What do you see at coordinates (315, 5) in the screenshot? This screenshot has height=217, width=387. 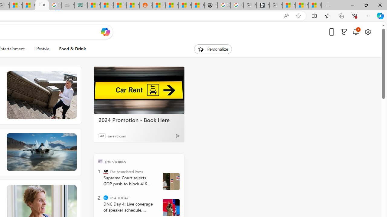 I see `'These 3 Stocks Pay You More Than 5% to Own Them'` at bounding box center [315, 5].